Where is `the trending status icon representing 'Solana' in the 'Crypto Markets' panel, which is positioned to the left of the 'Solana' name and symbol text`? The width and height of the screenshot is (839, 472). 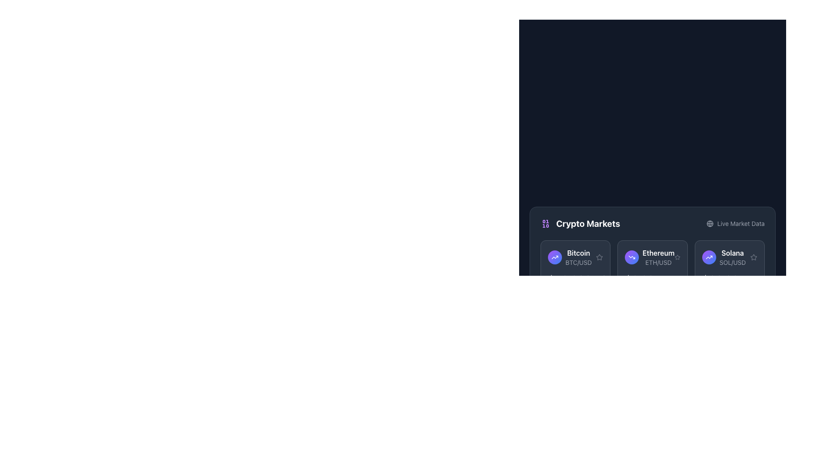
the trending status icon representing 'Solana' in the 'Crypto Markets' panel, which is positioned to the left of the 'Solana' name and symbol text is located at coordinates (709, 257).